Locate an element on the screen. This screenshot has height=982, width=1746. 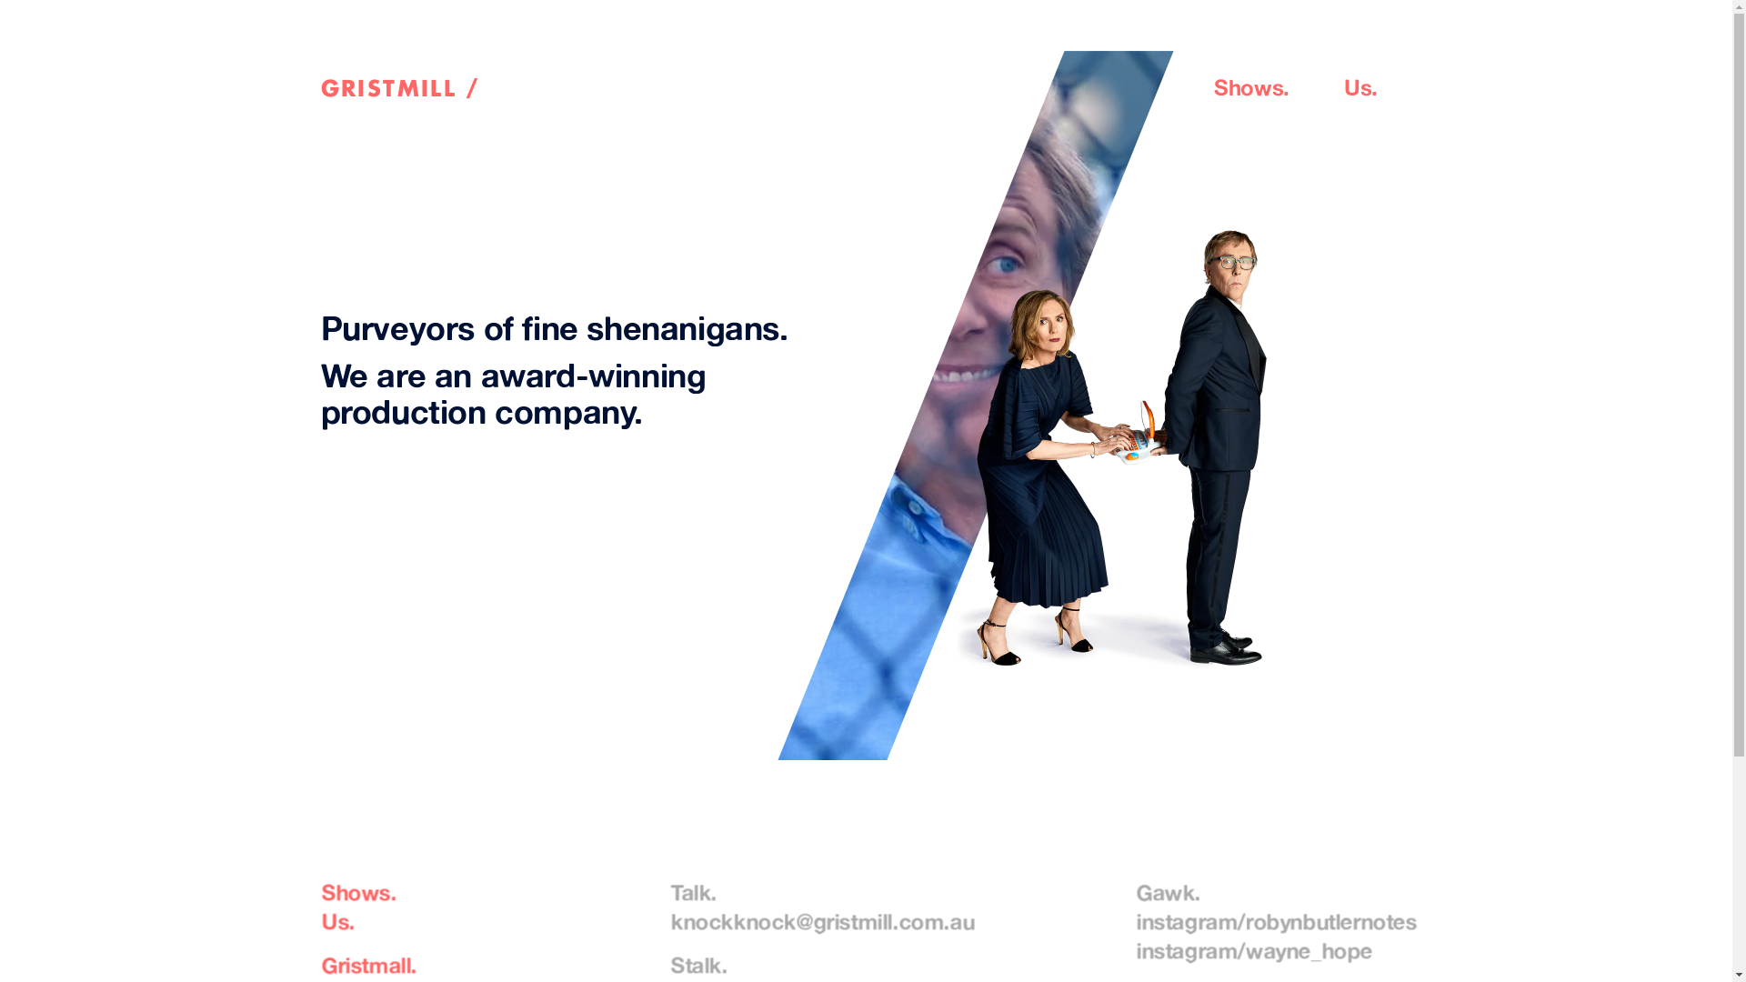
'Us.' is located at coordinates (337, 921).